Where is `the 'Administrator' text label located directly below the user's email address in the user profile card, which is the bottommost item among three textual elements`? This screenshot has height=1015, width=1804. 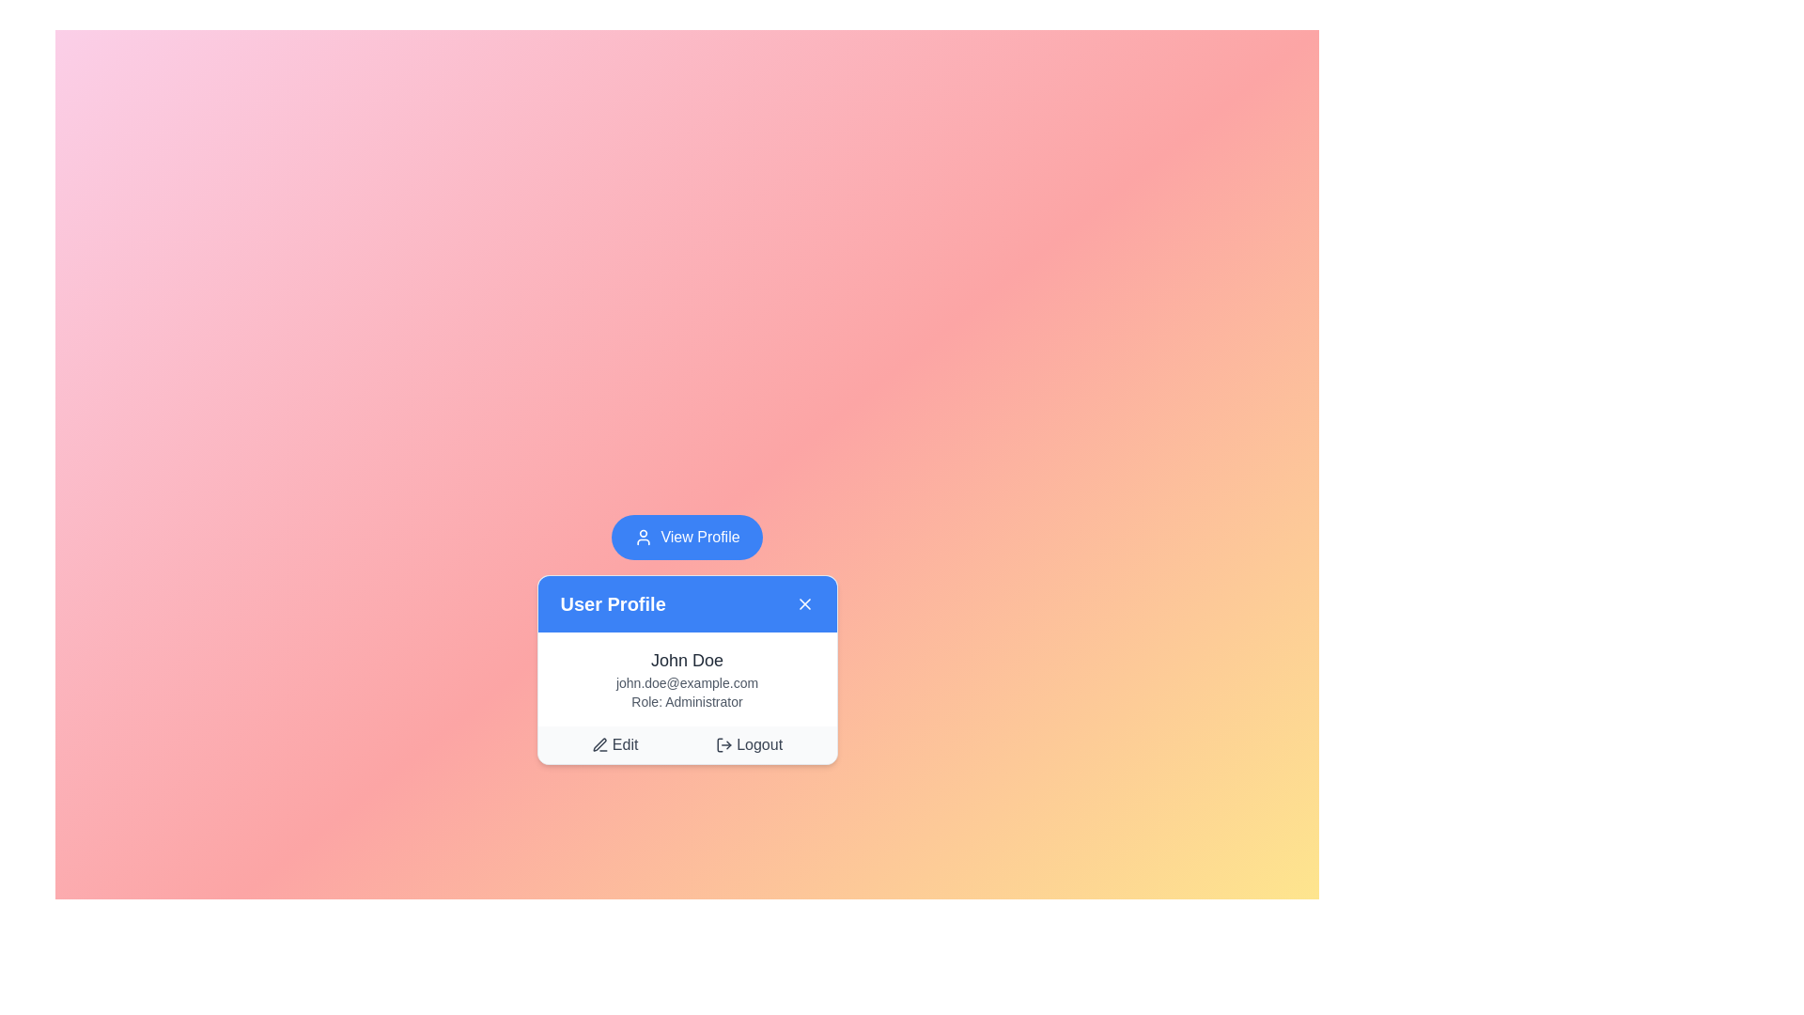 the 'Administrator' text label located directly below the user's email address in the user profile card, which is the bottommost item among three textual elements is located at coordinates (686, 702).